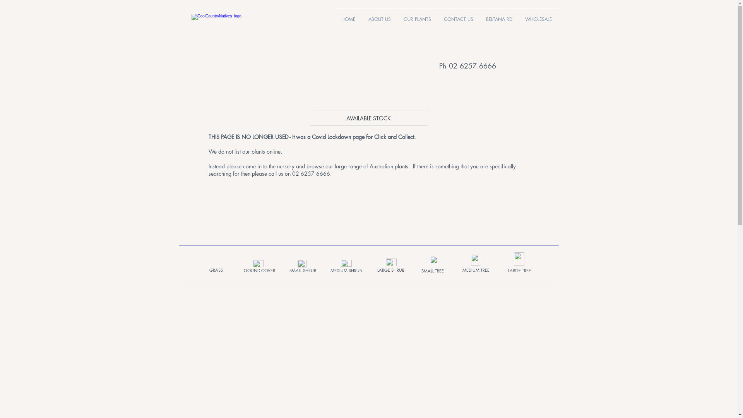 This screenshot has width=743, height=418. Describe the element at coordinates (347, 16) in the screenshot. I see `'HOME'` at that location.